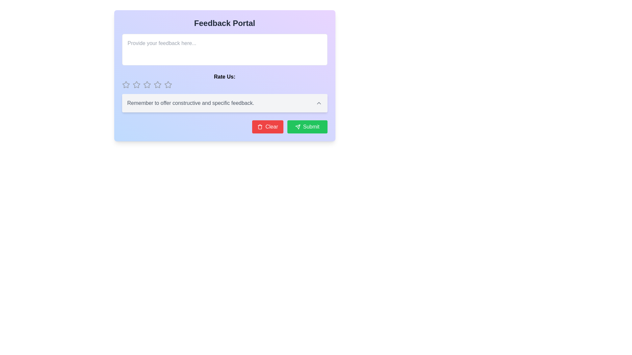 The height and width of the screenshot is (355, 632). I want to click on the send button icon, which is part of the green 'Submit' button, so click(297, 127).